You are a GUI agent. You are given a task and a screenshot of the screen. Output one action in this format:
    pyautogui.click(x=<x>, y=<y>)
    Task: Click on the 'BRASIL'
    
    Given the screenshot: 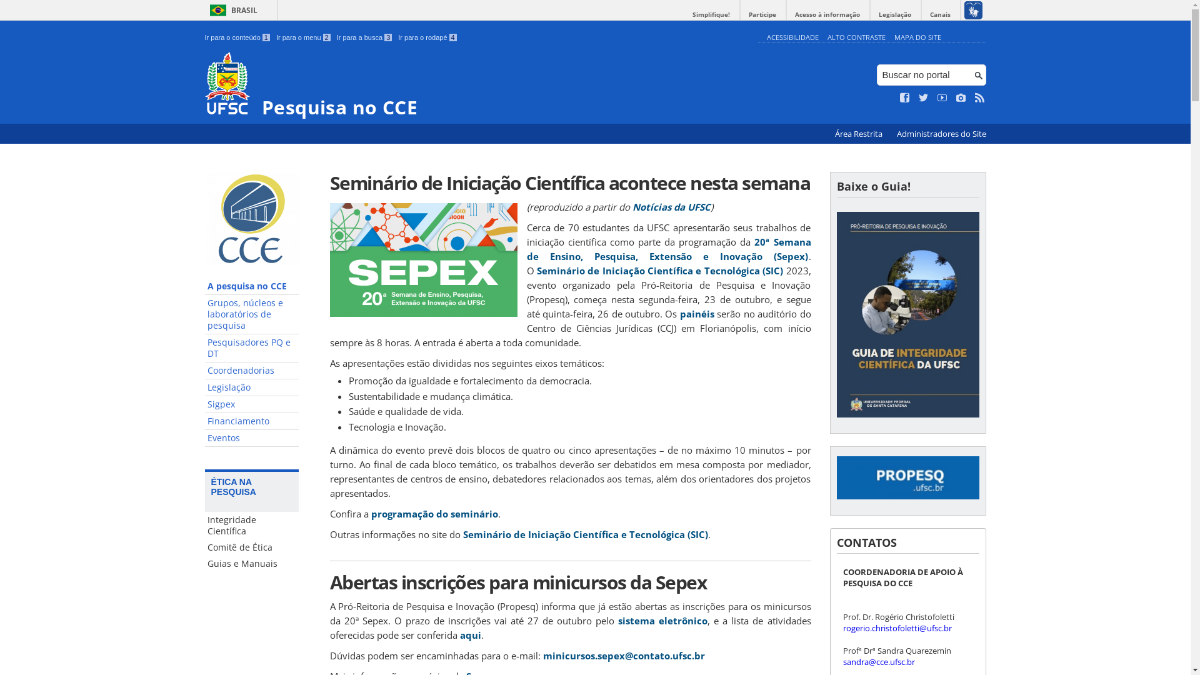 What is the action you would take?
    pyautogui.click(x=204, y=10)
    